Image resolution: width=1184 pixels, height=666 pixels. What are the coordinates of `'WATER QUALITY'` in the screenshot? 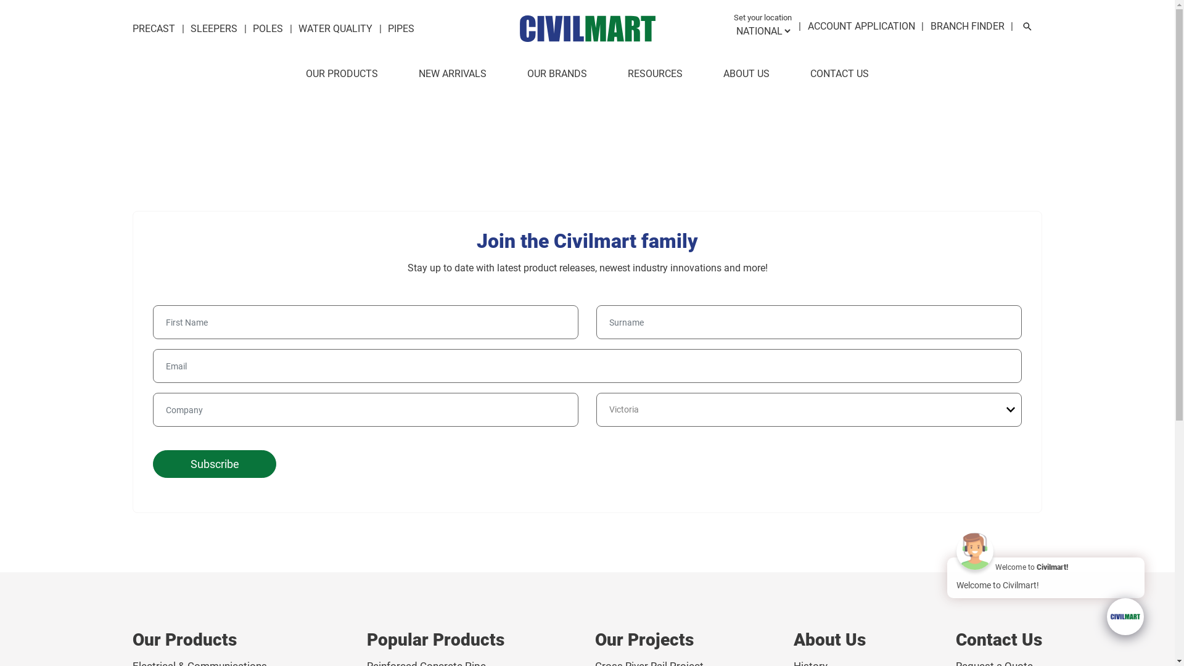 It's located at (335, 28).